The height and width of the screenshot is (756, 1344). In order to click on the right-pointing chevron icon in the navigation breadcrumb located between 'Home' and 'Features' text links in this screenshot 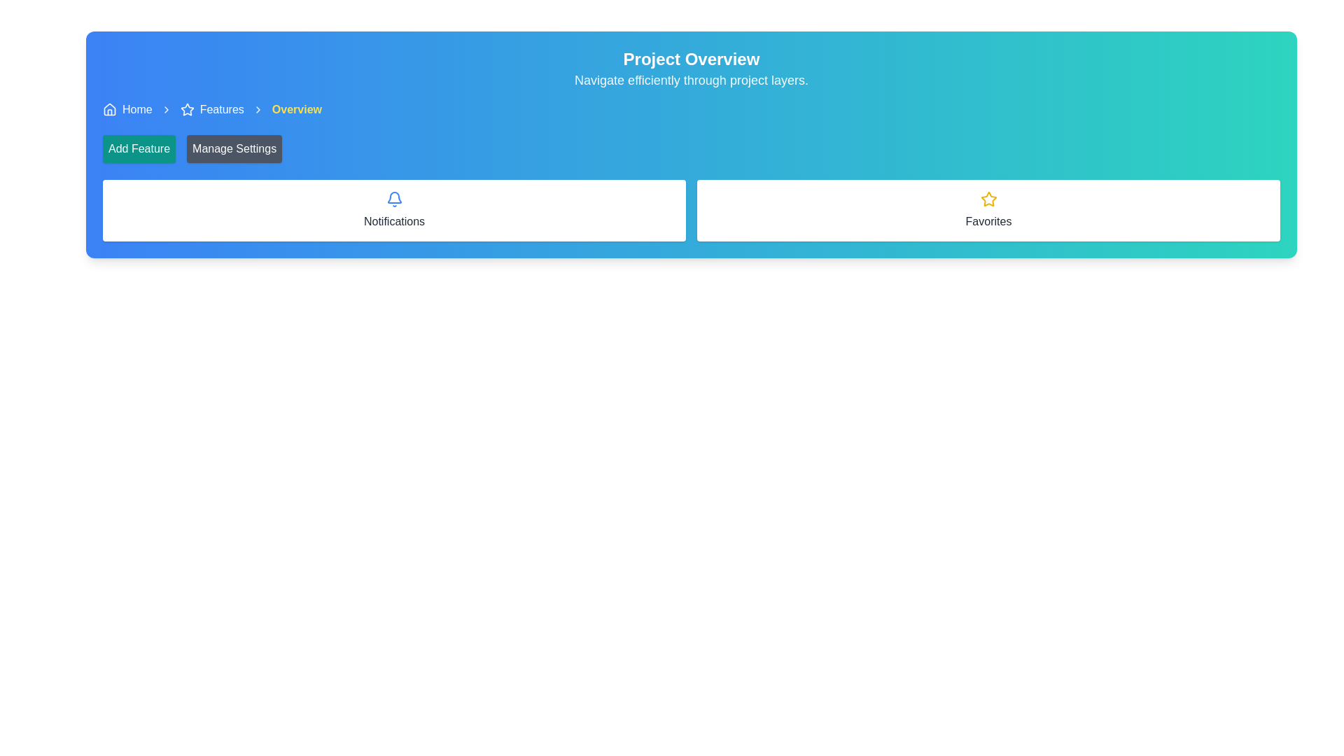, I will do `click(166, 109)`.